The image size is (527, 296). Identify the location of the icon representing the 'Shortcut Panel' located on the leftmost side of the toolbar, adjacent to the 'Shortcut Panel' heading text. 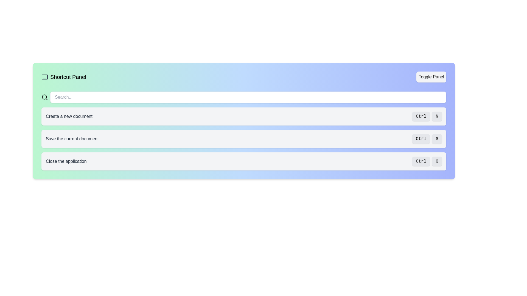
(45, 77).